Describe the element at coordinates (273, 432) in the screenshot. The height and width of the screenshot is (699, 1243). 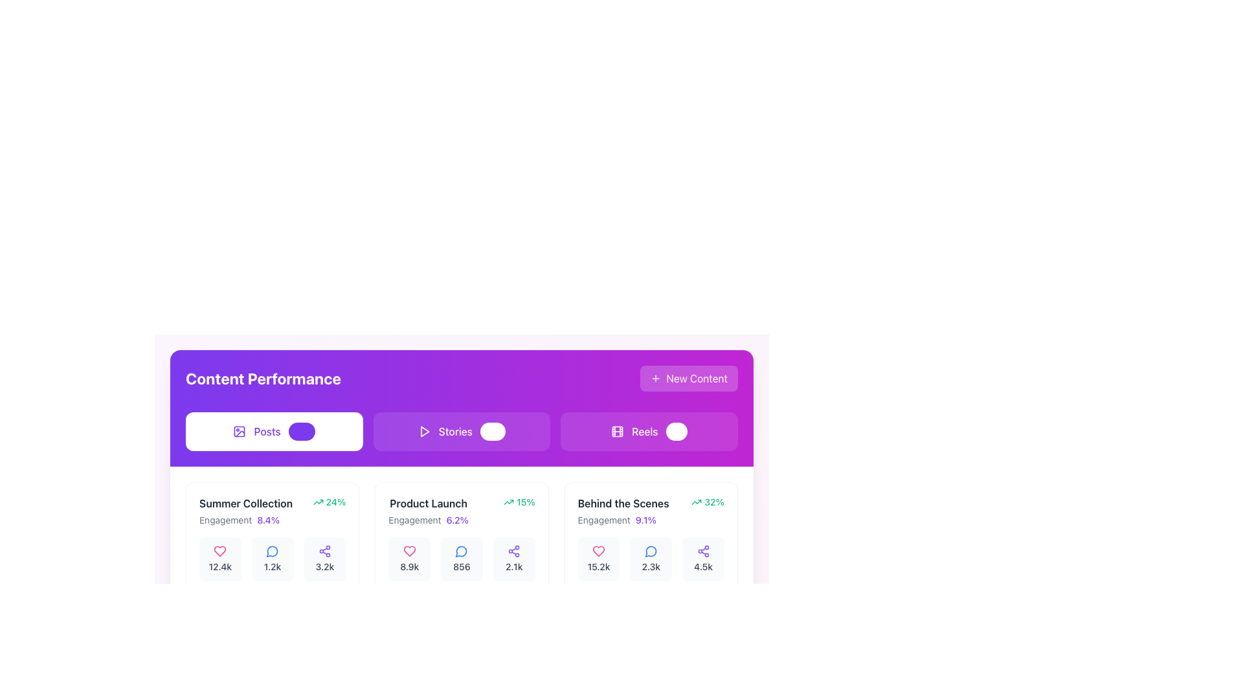
I see `the first button in the three-button group on the purple panel to filter or display posts` at that location.